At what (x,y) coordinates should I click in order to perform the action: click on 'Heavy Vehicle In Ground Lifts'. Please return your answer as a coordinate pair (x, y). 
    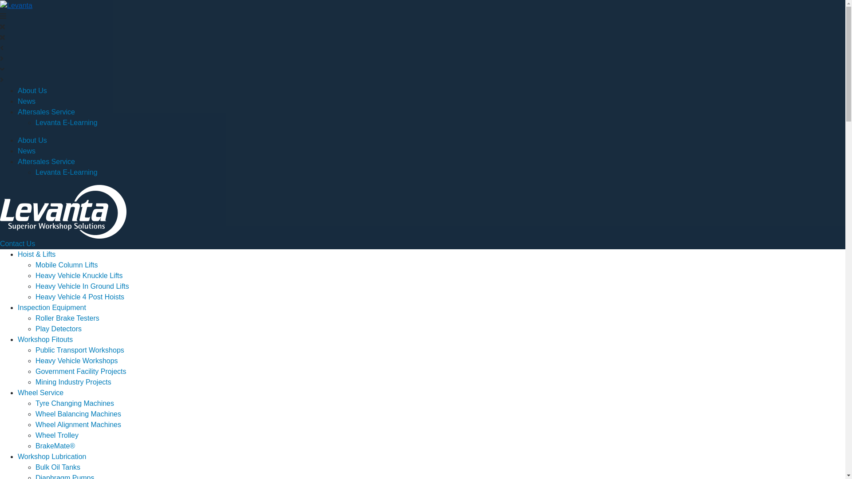
    Looking at the image, I should click on (82, 286).